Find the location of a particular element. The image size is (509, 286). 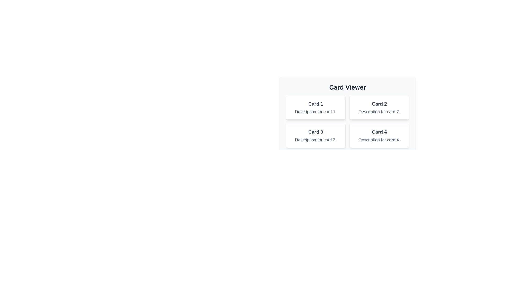

the descriptive label located at the bottom of 'Card 3', which provides additional information for the card is located at coordinates (315, 140).